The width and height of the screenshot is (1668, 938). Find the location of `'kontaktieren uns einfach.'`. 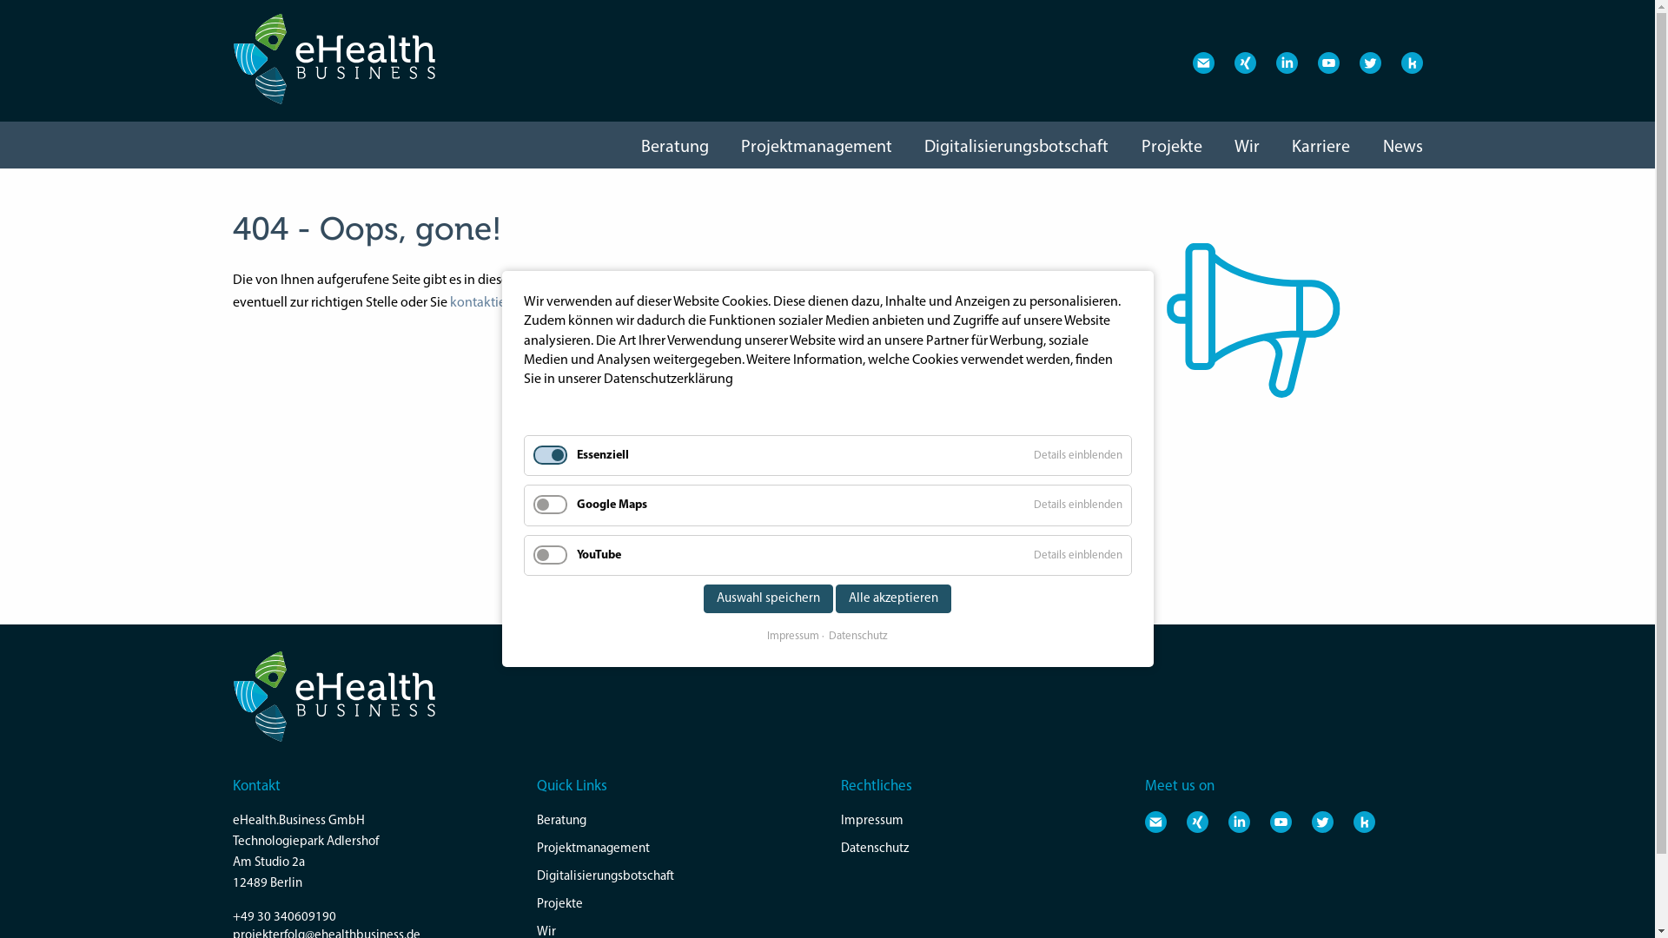

'kontaktieren uns einfach.' is located at coordinates (522, 303).